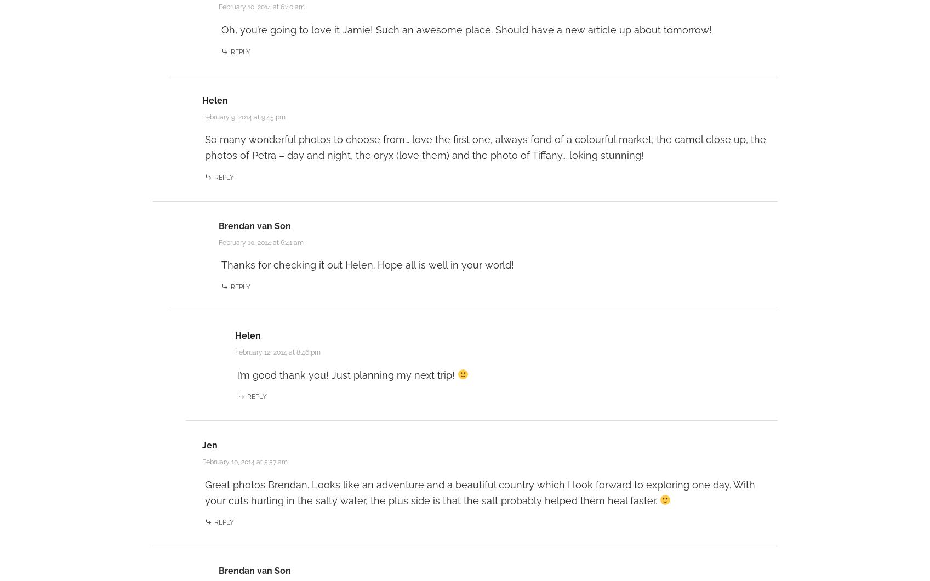 Image resolution: width=930 pixels, height=581 pixels. What do you see at coordinates (242, 116) in the screenshot?
I see `'February 9, 2014 at 9:45 pm'` at bounding box center [242, 116].